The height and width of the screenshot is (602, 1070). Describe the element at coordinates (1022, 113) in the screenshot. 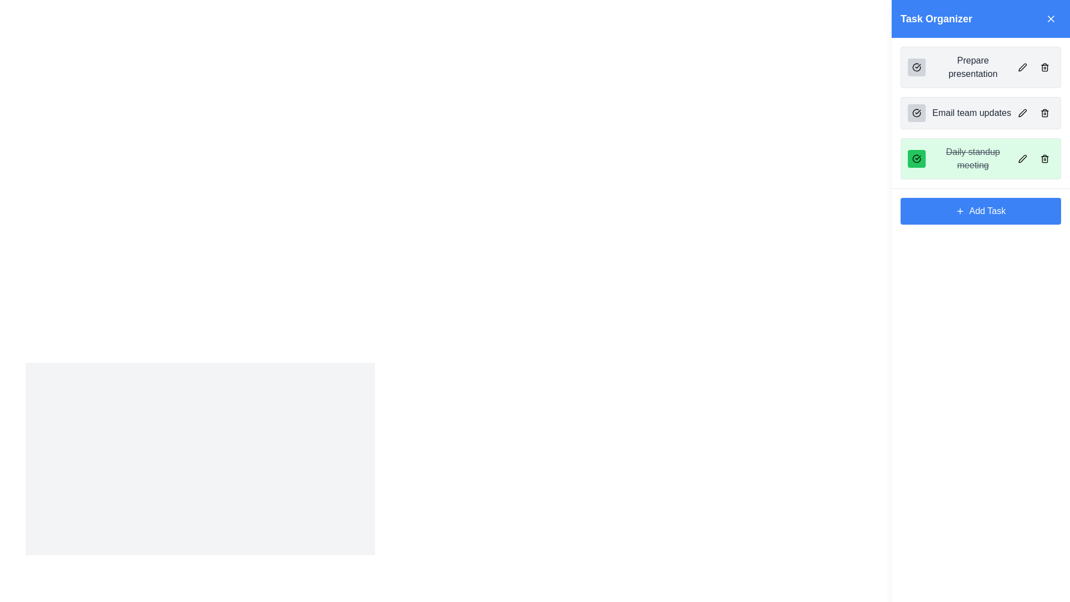

I see `the pen-shaped icon in the 'Email team updates' task row of the 'Task Organizer' panel` at that location.